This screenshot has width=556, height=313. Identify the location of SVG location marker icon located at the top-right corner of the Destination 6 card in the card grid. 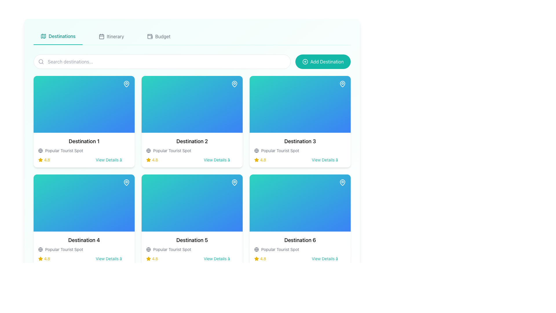
(342, 182).